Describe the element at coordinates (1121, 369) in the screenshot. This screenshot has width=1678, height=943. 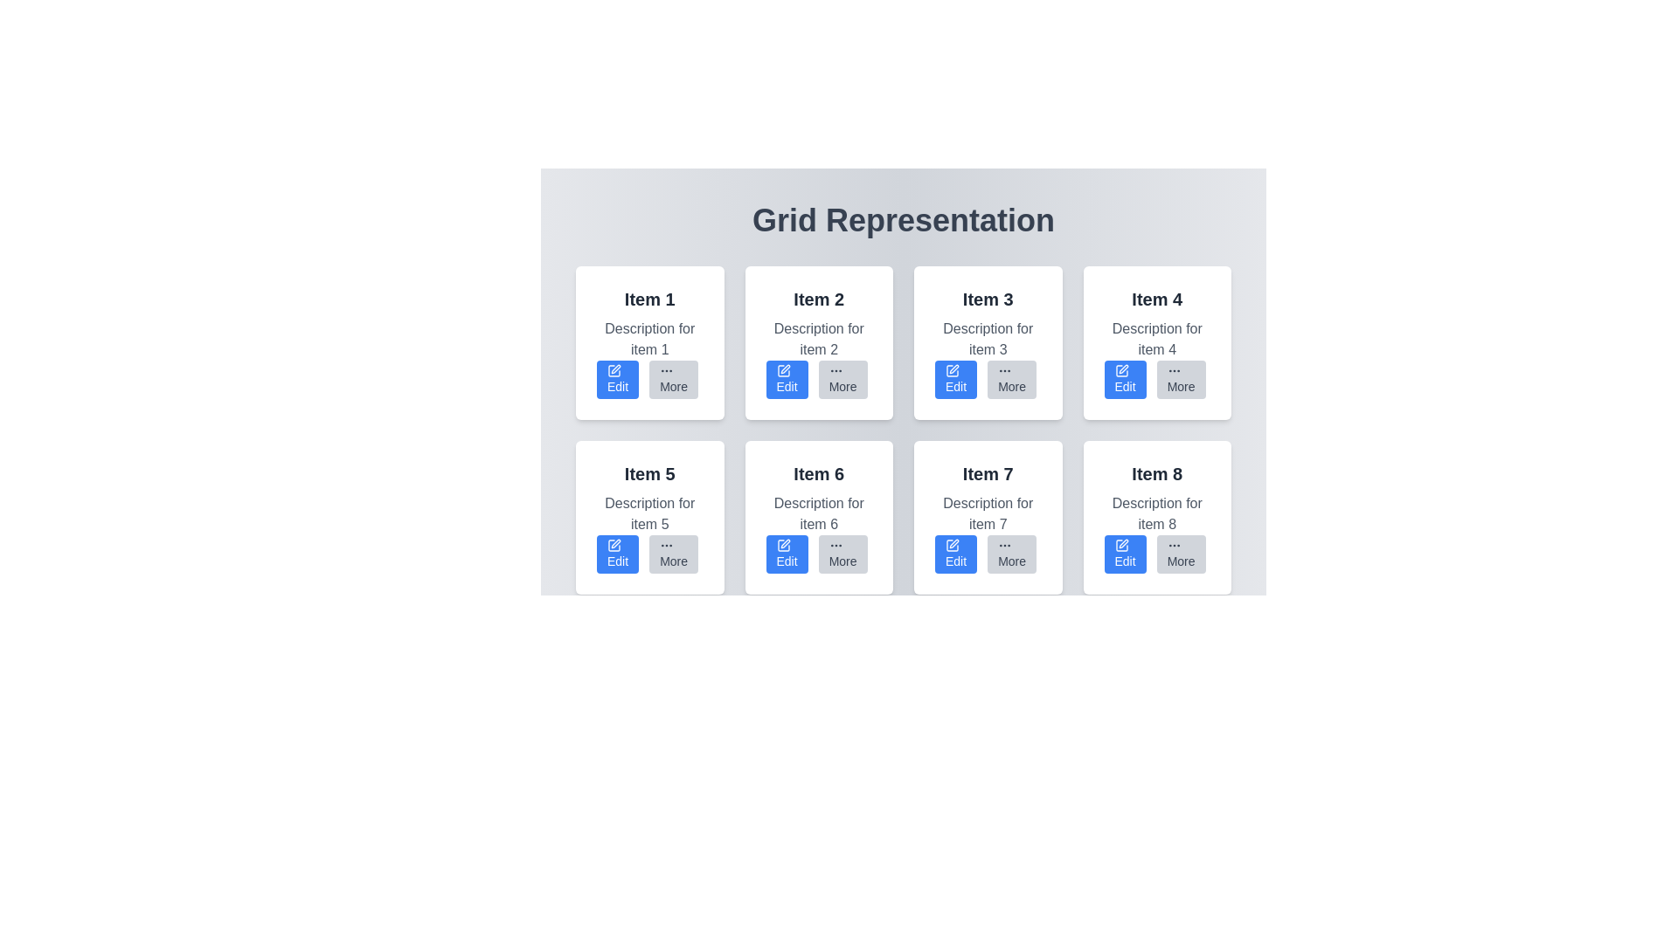
I see `the pen icon inside the 'Edit' button of the card titled 'Item 4' located in the top-right quadrant of the grid layout` at that location.